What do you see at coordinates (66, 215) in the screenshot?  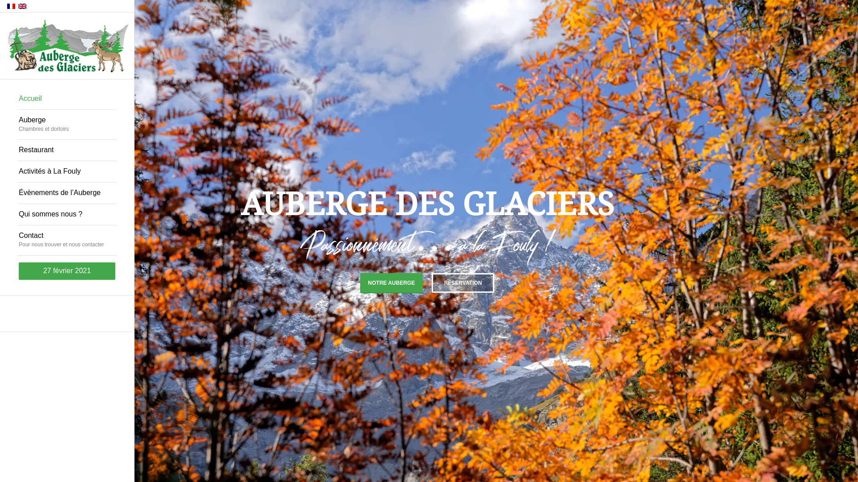 I see `'Qui sommes nous ?'` at bounding box center [66, 215].